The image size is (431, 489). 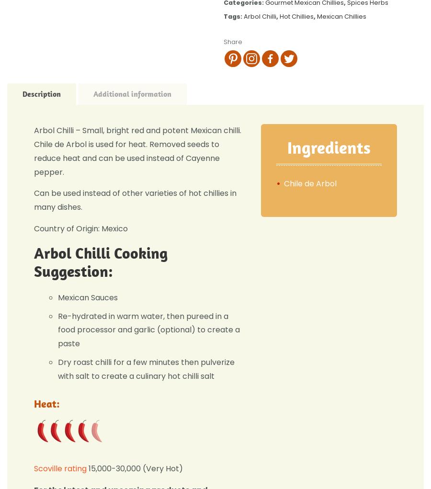 I want to click on 'Additional information', so click(x=132, y=93).